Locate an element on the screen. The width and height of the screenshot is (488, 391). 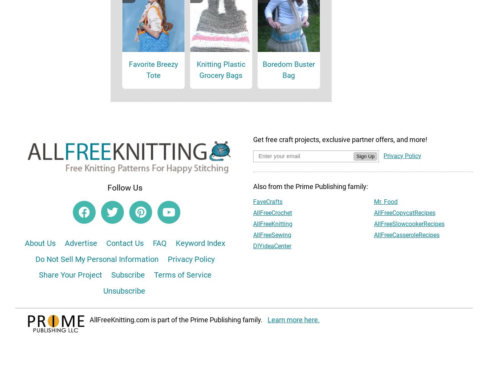
'Contact Us' is located at coordinates (125, 253).